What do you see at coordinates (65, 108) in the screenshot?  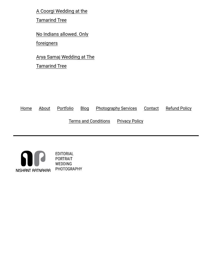 I see `'Portfolio'` at bounding box center [65, 108].